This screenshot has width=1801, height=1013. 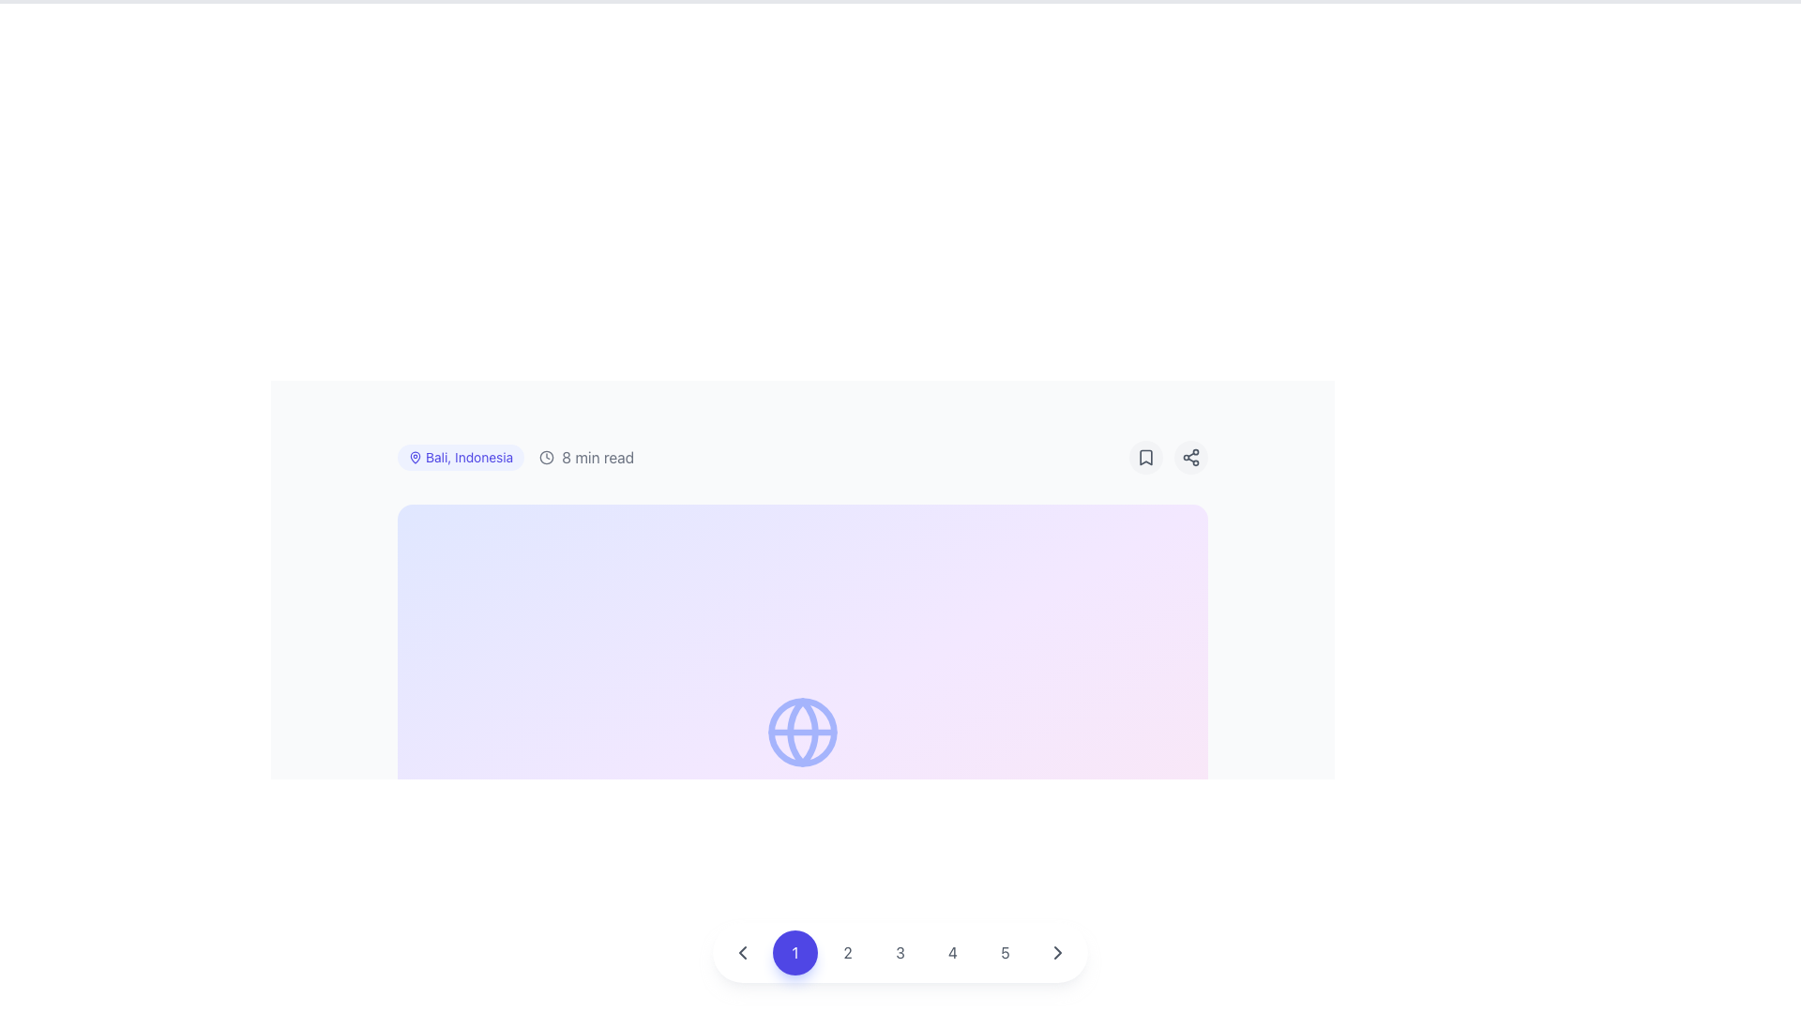 I want to click on the circular button with a light gray background and a connected nodes icon, so click(x=1190, y=458).